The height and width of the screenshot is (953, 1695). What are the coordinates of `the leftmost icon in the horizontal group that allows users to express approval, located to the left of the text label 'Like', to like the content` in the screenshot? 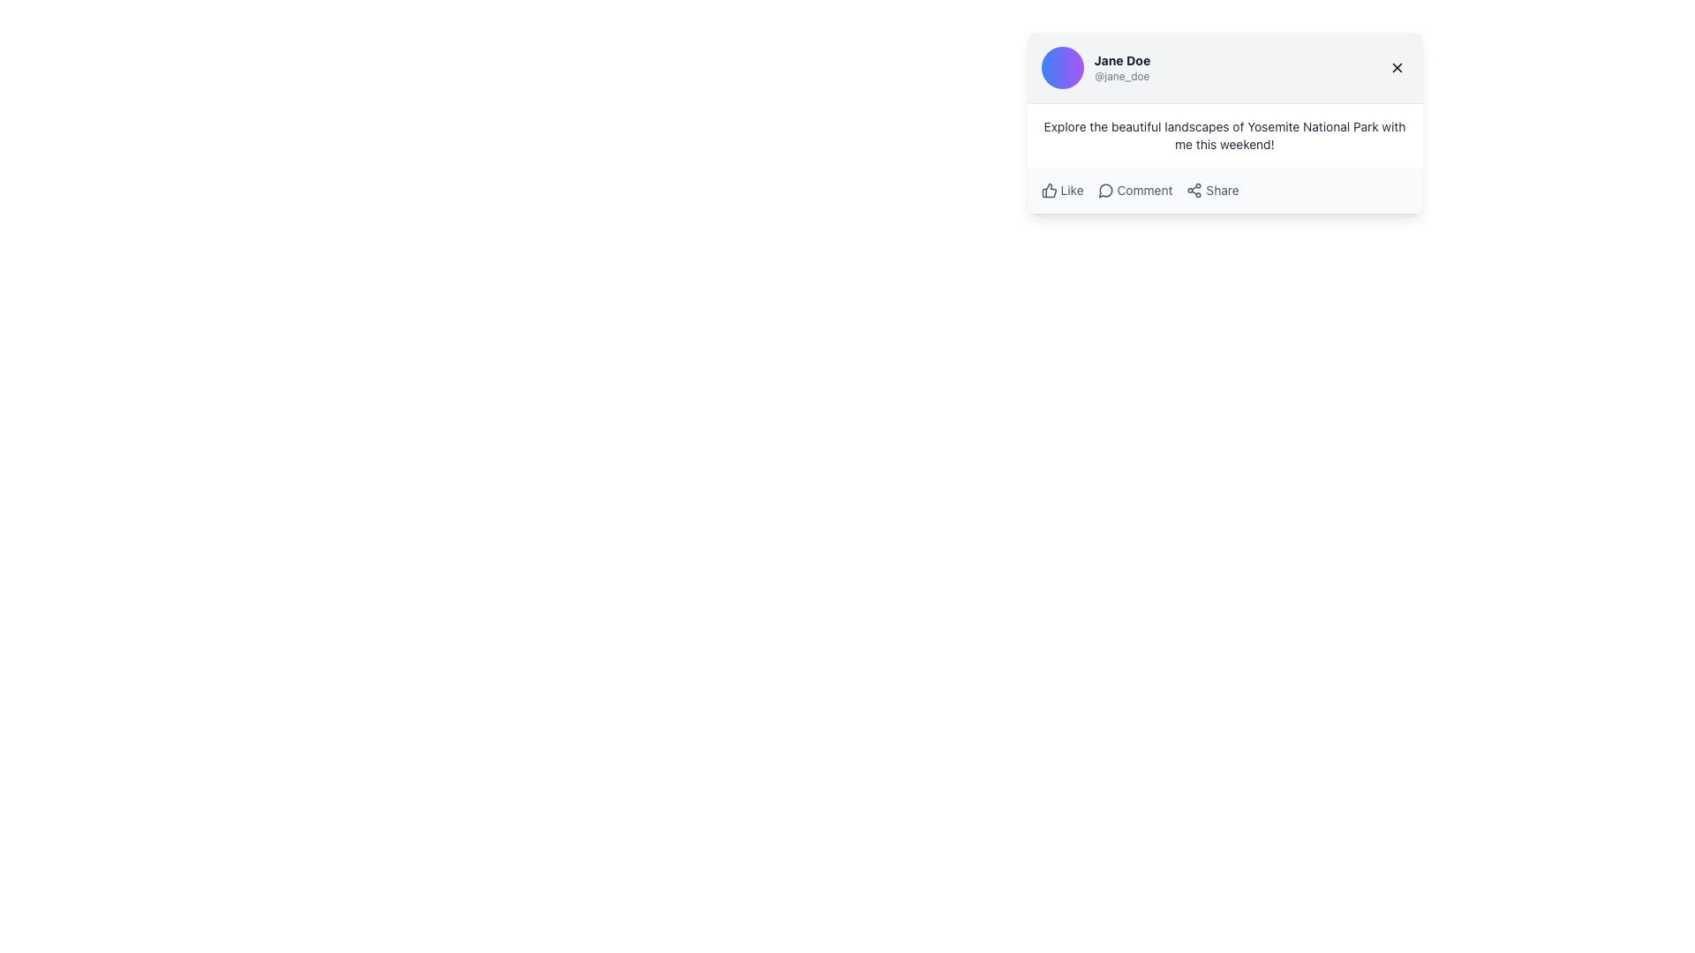 It's located at (1049, 191).